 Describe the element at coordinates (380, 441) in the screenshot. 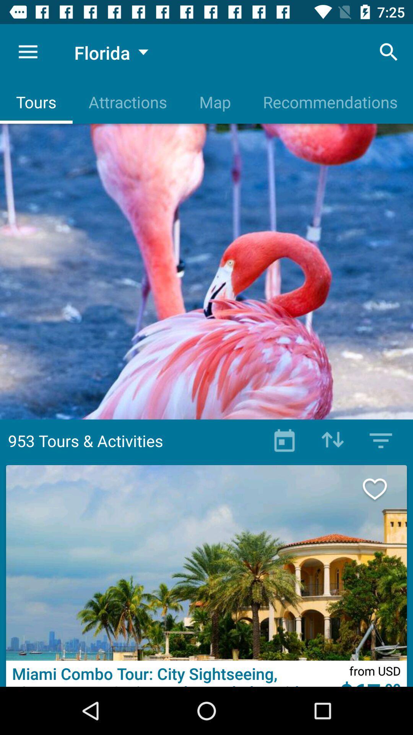

I see `meanu` at that location.